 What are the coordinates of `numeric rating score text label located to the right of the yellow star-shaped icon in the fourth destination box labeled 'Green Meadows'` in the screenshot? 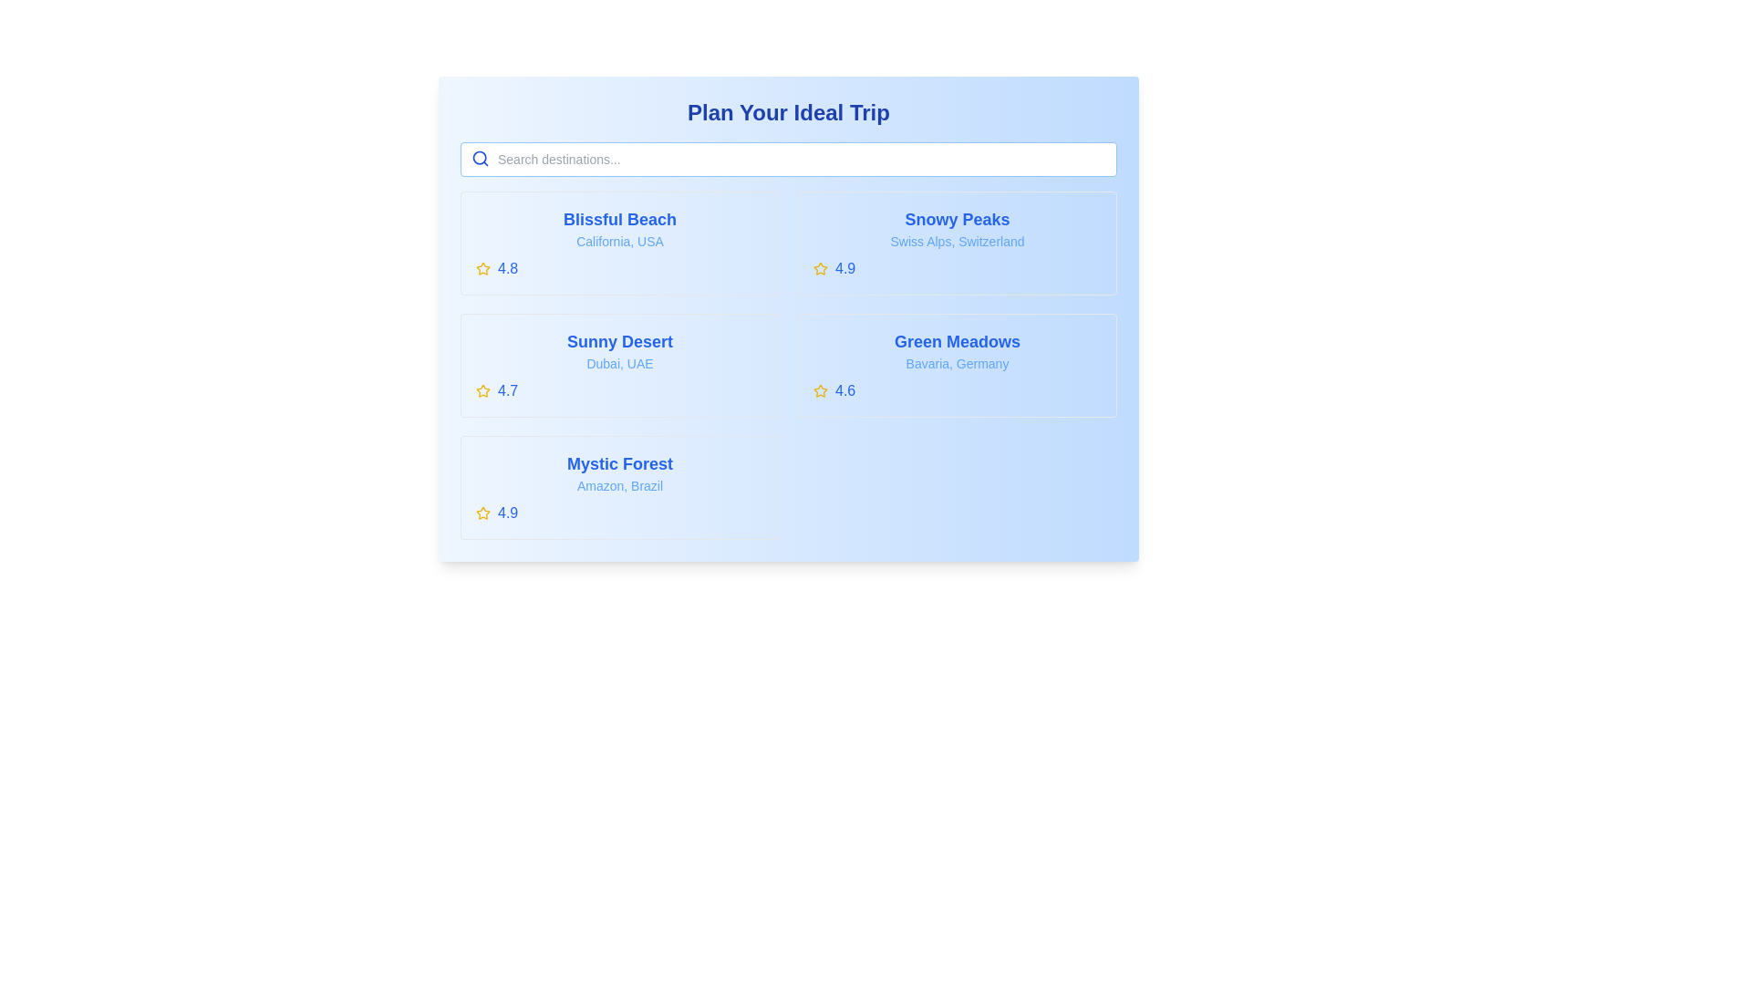 It's located at (844, 389).